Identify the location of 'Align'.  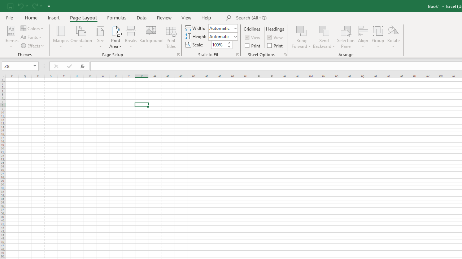
(363, 37).